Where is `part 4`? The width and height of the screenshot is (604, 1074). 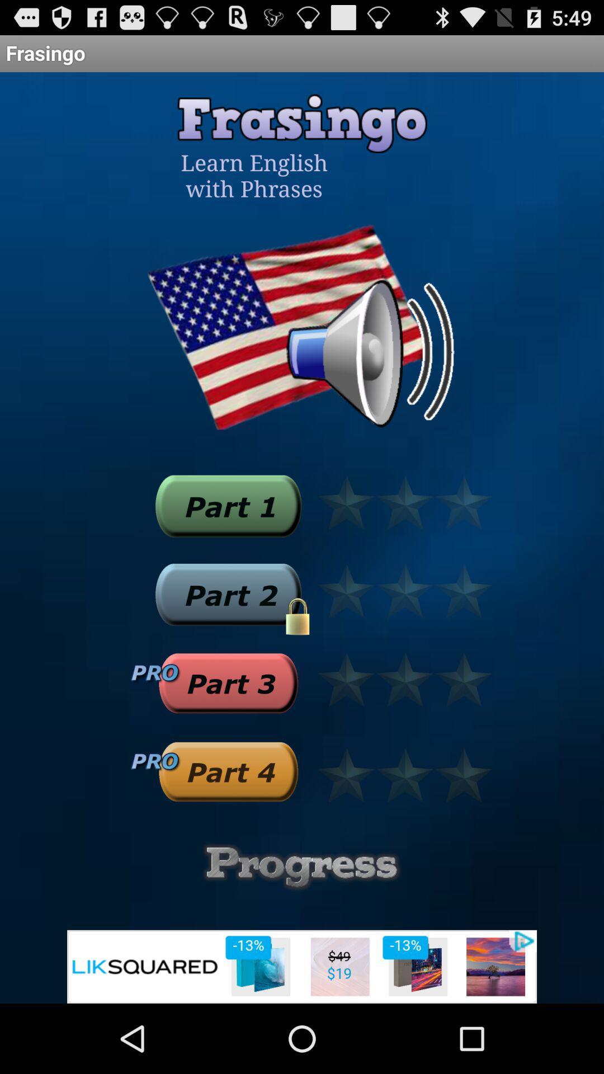 part 4 is located at coordinates (228, 771).